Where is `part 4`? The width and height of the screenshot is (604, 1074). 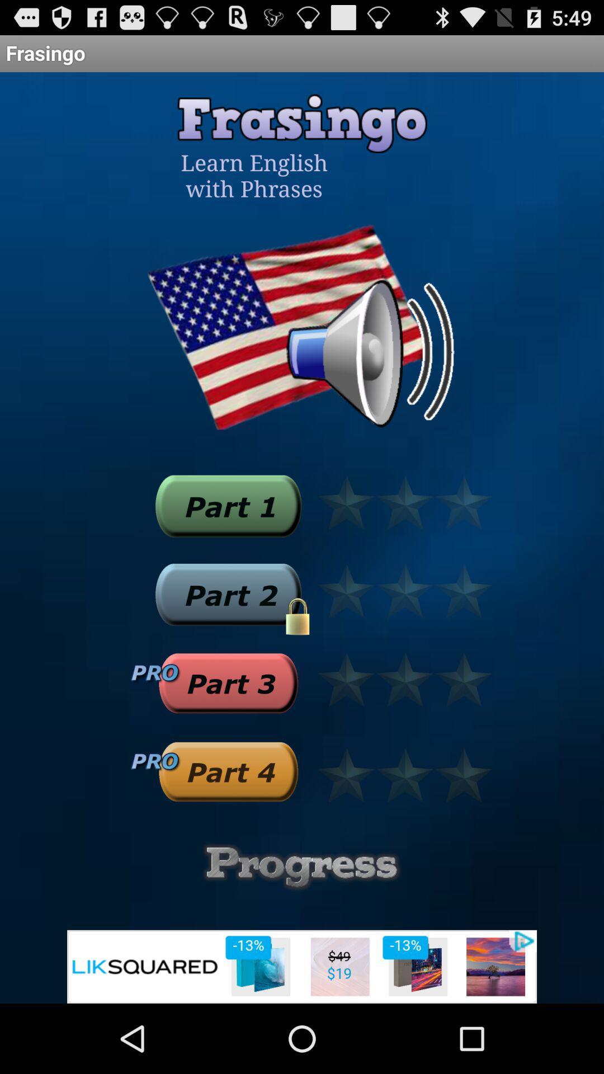 part 4 is located at coordinates (228, 771).